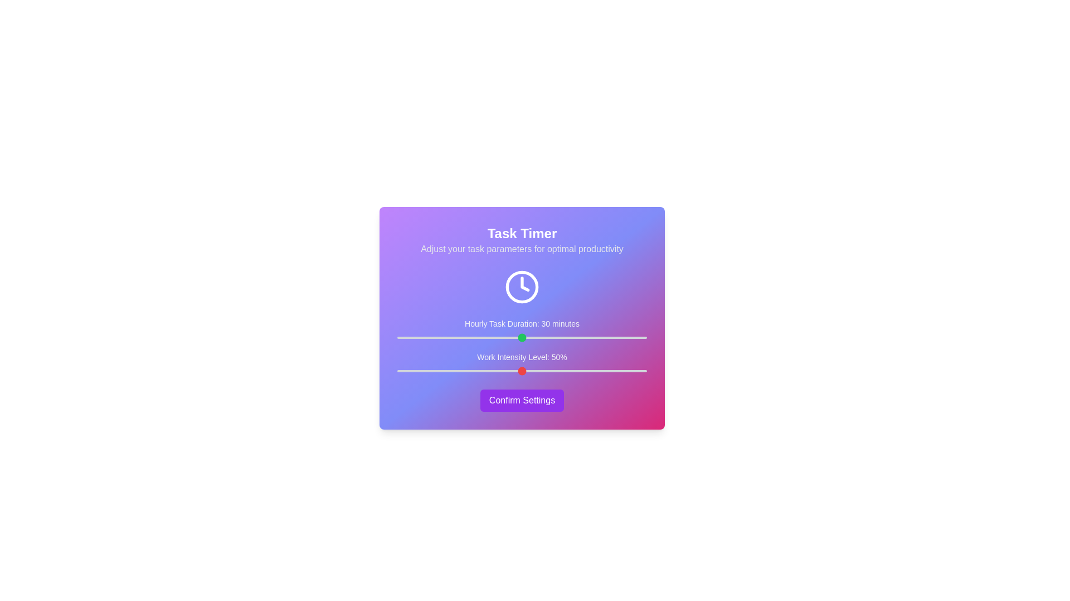 The width and height of the screenshot is (1070, 601). Describe the element at coordinates (626, 337) in the screenshot. I see `the 'Hourly Task Duration' slider to 55 minutes` at that location.